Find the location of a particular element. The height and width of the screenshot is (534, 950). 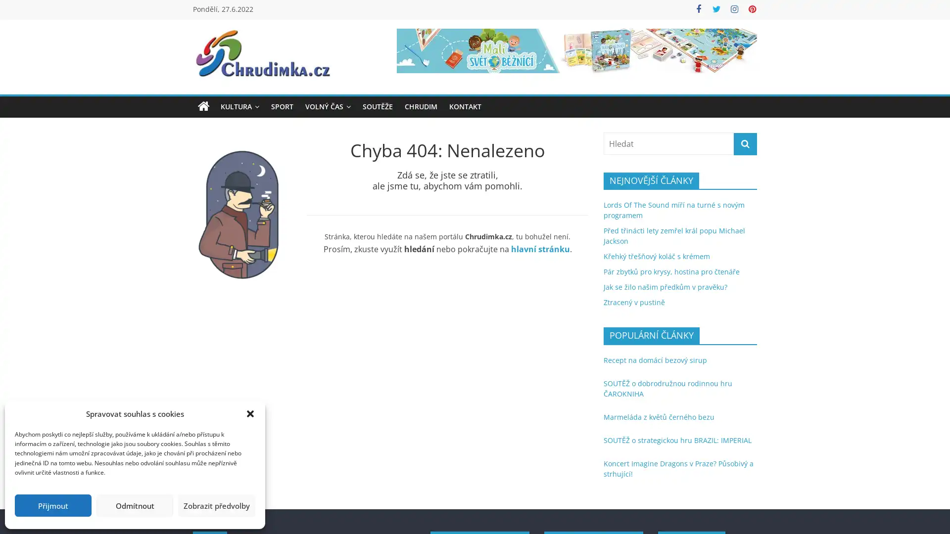

Zobrazit predvolby is located at coordinates (216, 505).